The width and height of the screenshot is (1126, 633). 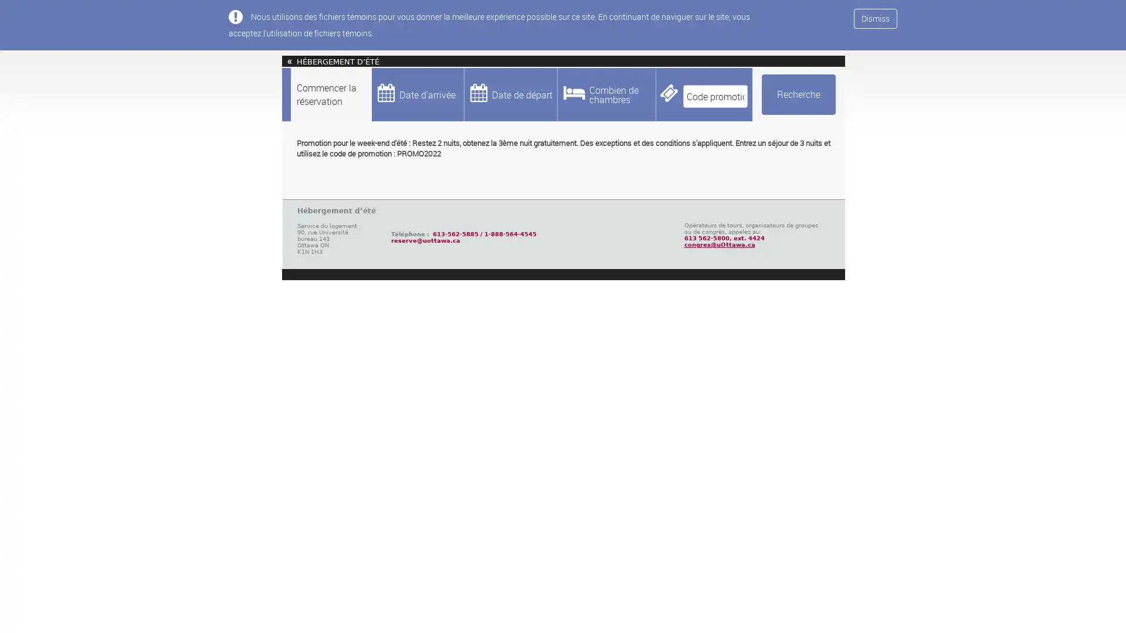 I want to click on Recherche, so click(x=798, y=94).